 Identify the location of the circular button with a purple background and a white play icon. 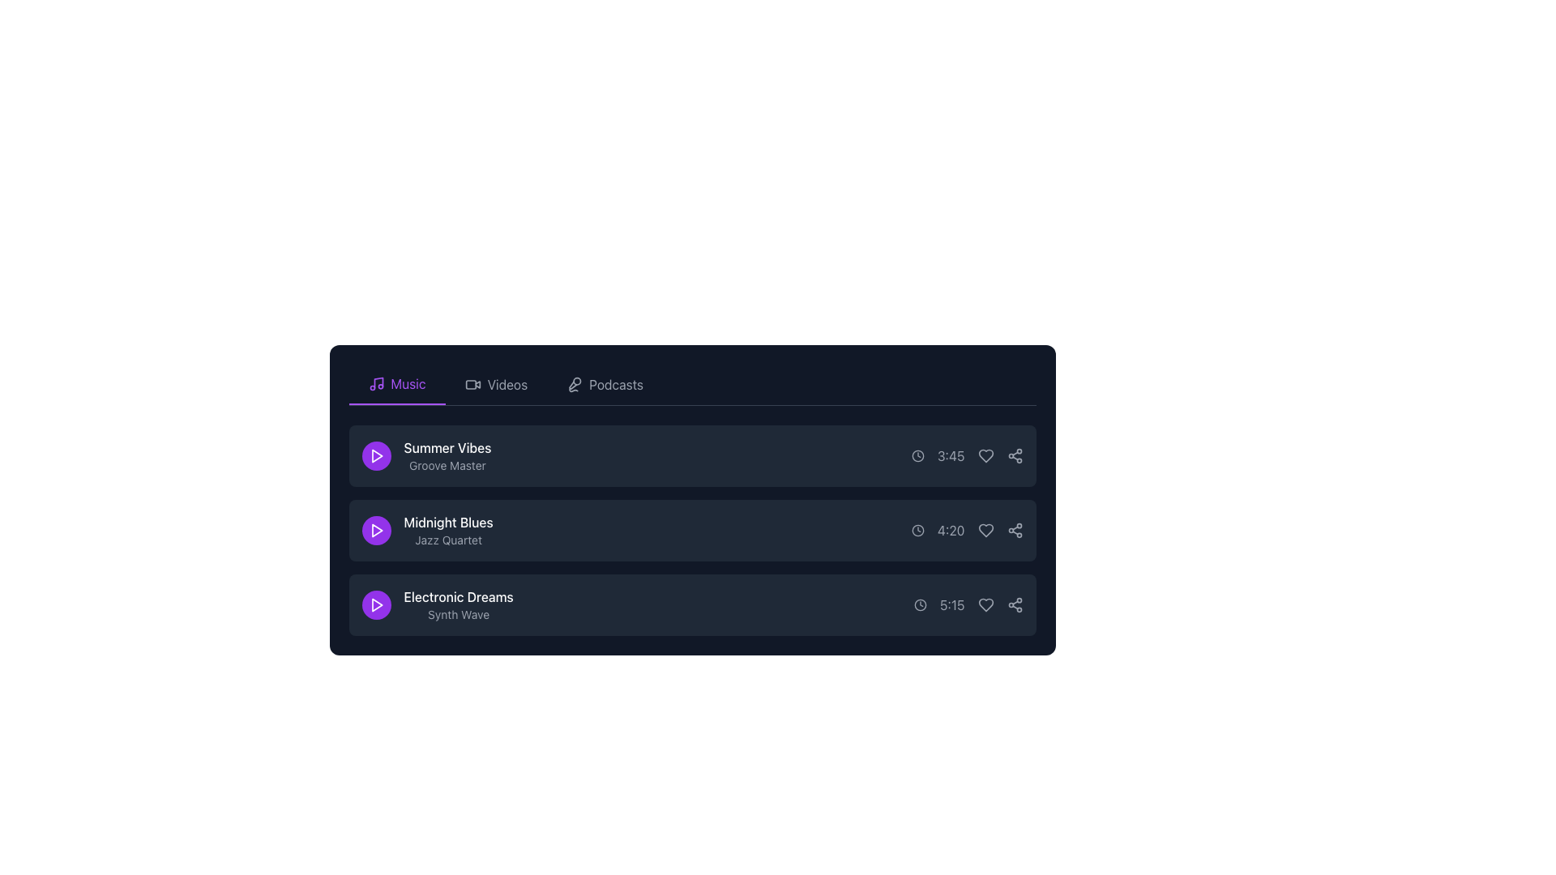
(375, 531).